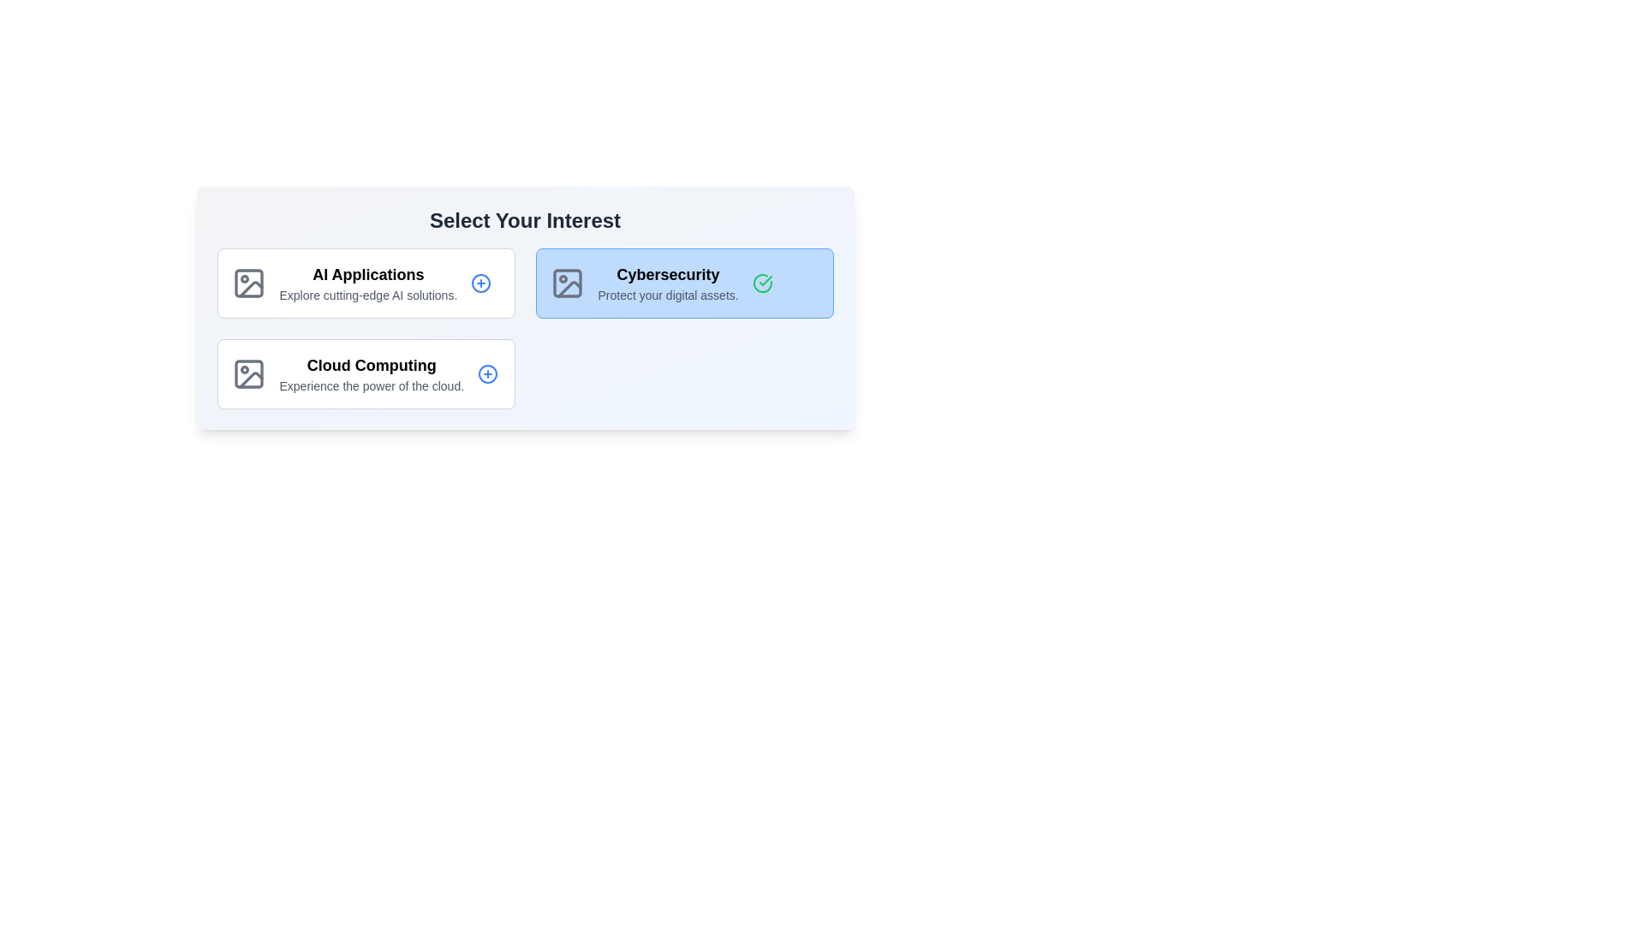  What do you see at coordinates (567, 283) in the screenshot?
I see `the icon of the card labeled 'Cybersecurity' to interact with it` at bounding box center [567, 283].